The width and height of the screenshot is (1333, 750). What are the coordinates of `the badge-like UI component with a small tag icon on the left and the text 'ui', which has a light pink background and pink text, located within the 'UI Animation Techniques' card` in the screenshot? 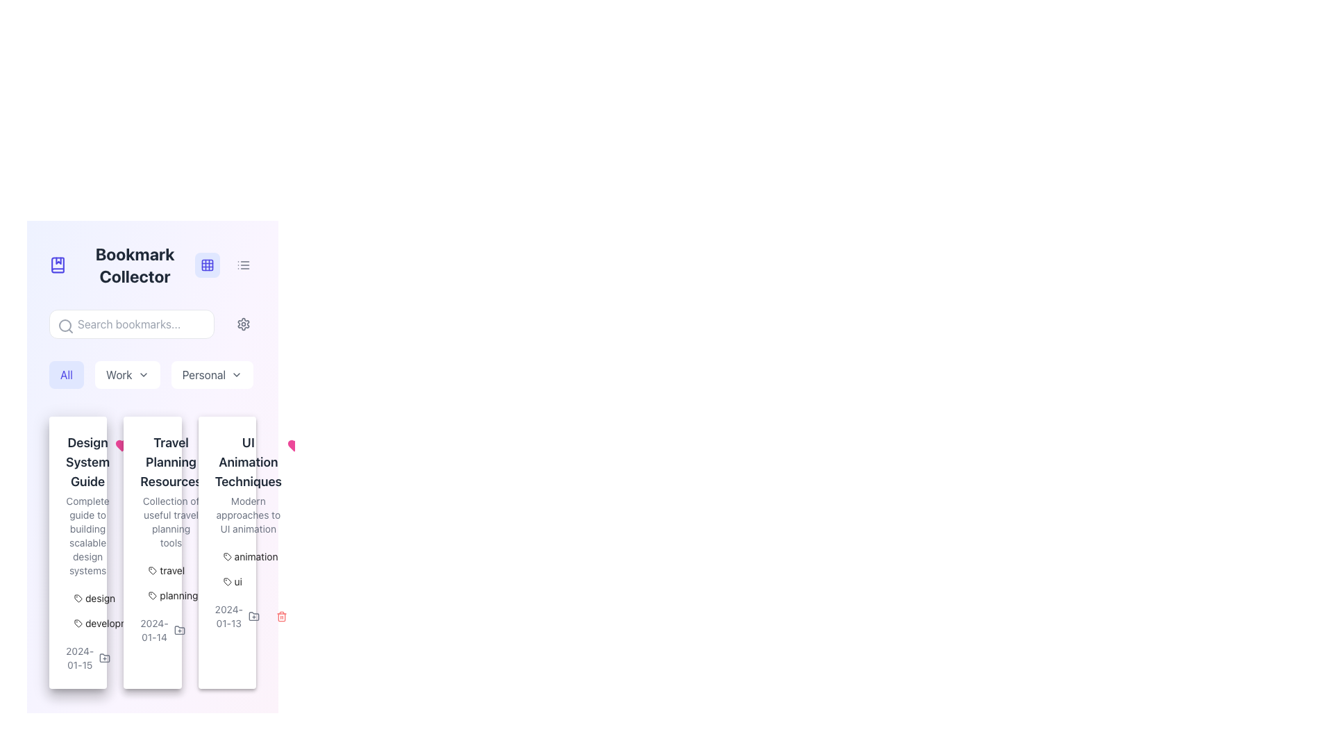 It's located at (233, 581).